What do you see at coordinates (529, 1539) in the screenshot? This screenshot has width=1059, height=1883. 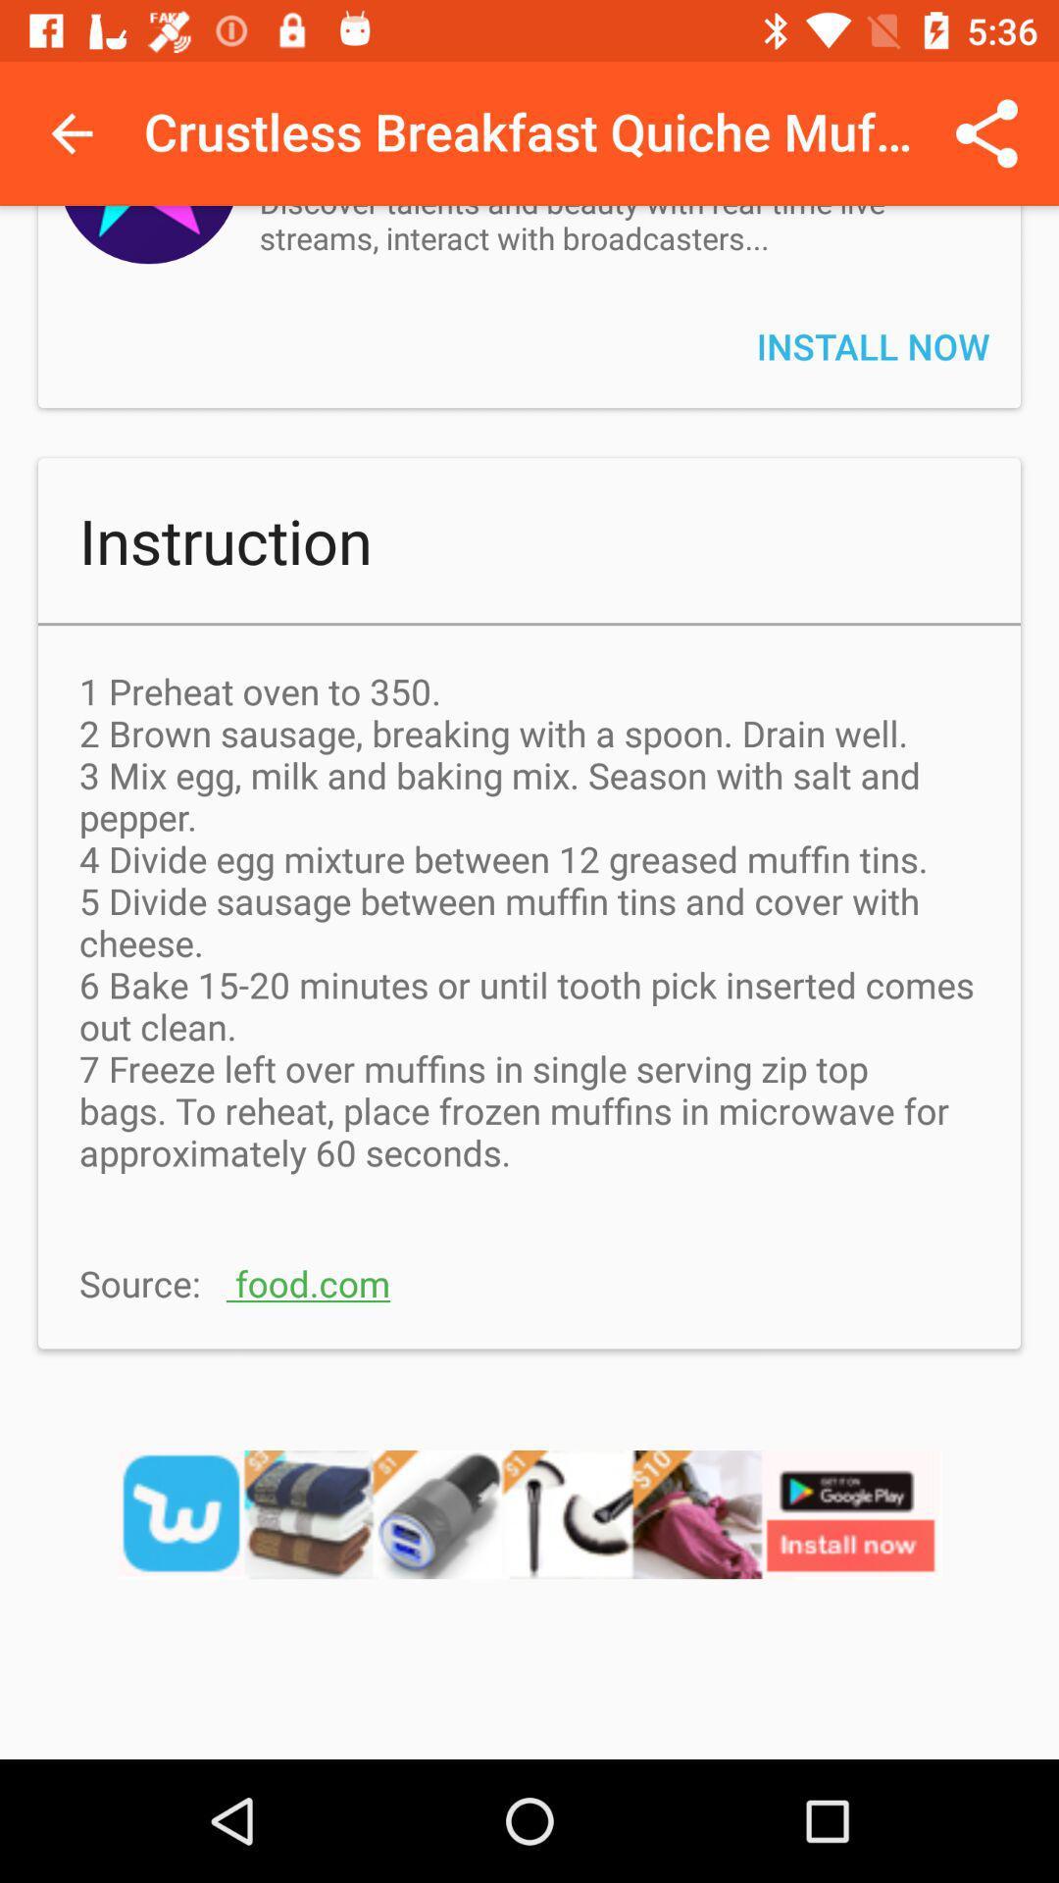 I see `advertisement` at bounding box center [529, 1539].